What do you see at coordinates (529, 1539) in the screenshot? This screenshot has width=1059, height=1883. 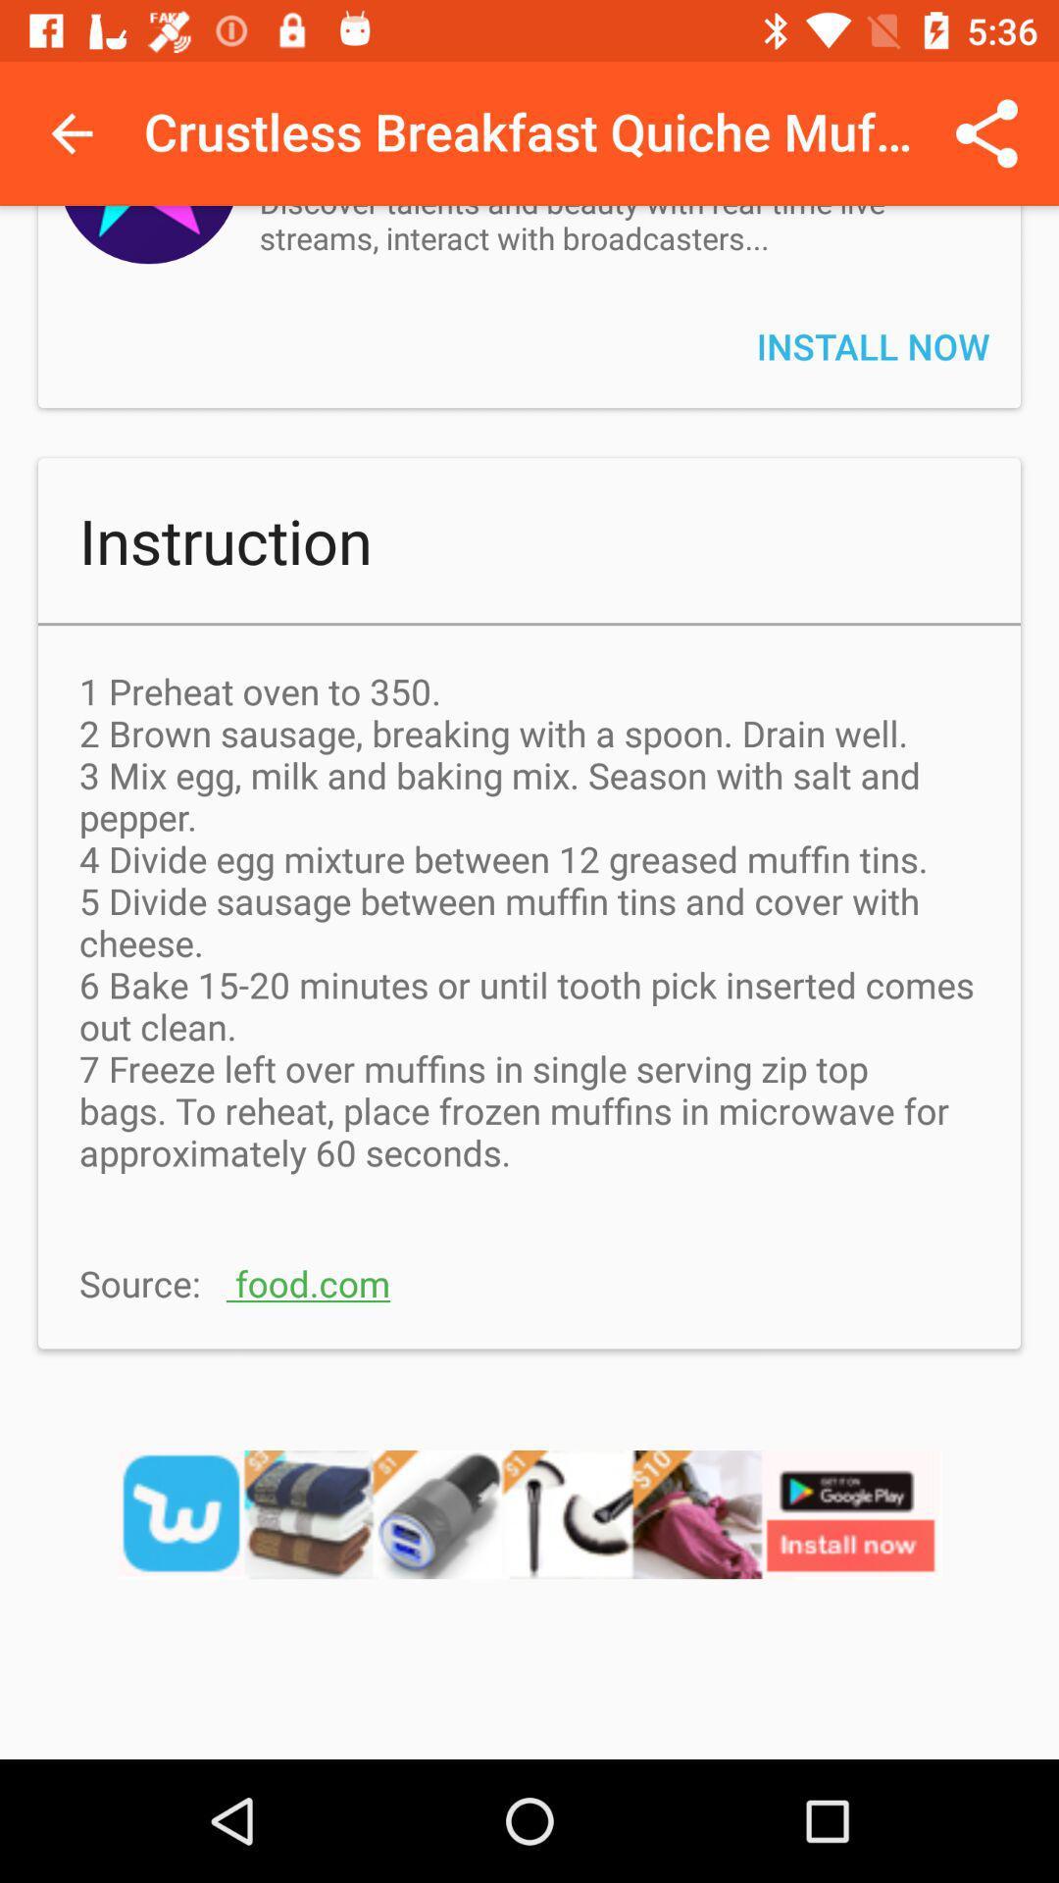 I see `advertisement` at bounding box center [529, 1539].